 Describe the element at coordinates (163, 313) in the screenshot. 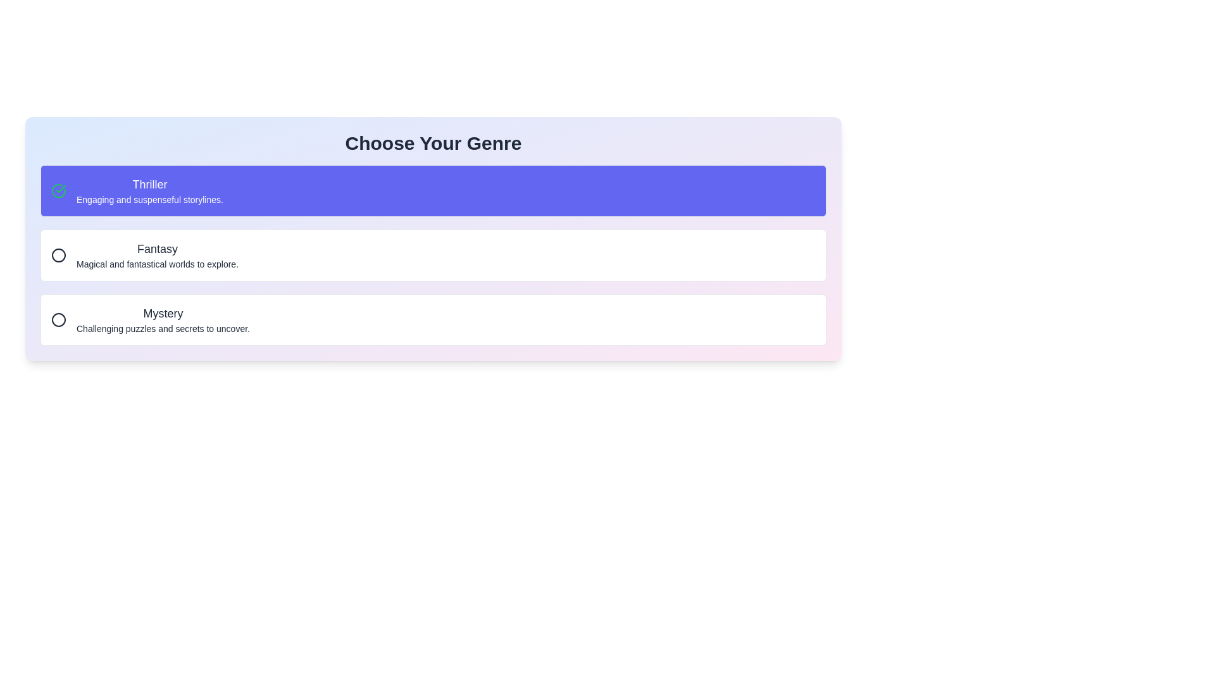

I see `the static text label for the 'Mystery' genre option, which is located in the third position of the genre selection list, directly under 'Fantasy'` at that location.